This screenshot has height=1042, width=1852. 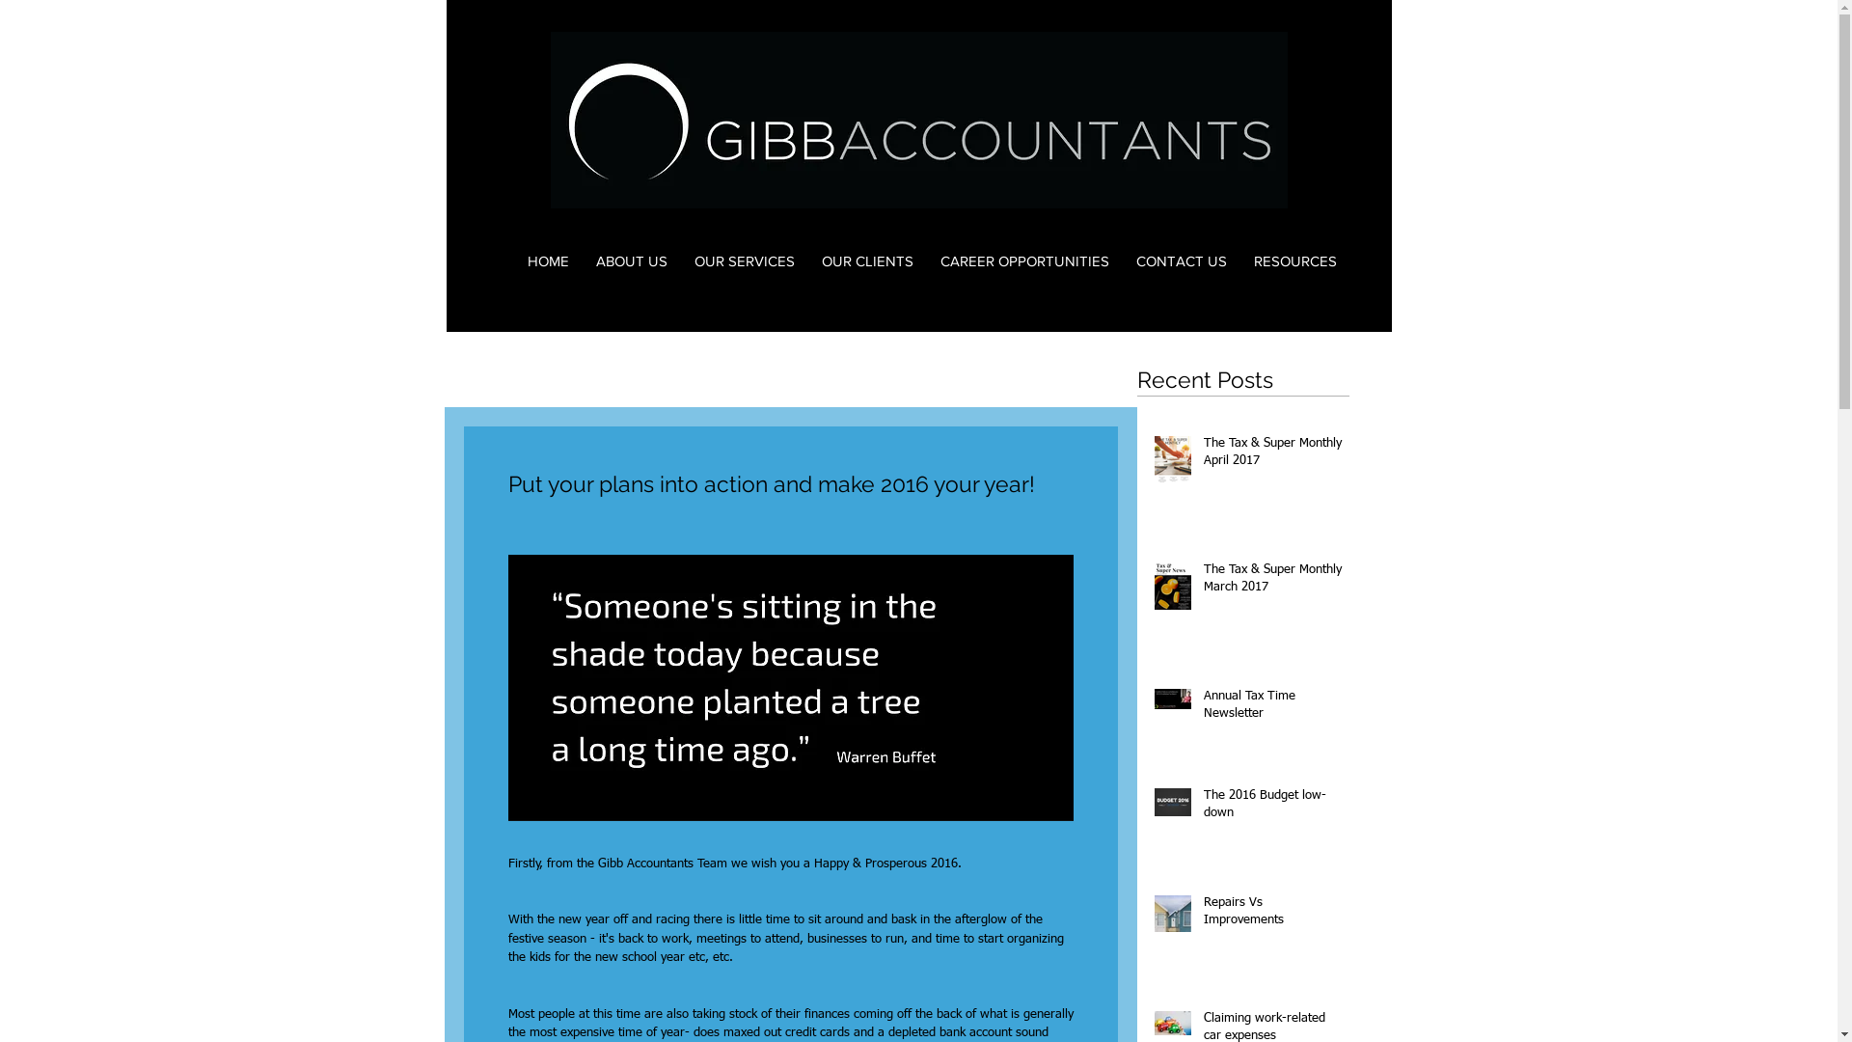 What do you see at coordinates (546, 260) in the screenshot?
I see `'HOME'` at bounding box center [546, 260].